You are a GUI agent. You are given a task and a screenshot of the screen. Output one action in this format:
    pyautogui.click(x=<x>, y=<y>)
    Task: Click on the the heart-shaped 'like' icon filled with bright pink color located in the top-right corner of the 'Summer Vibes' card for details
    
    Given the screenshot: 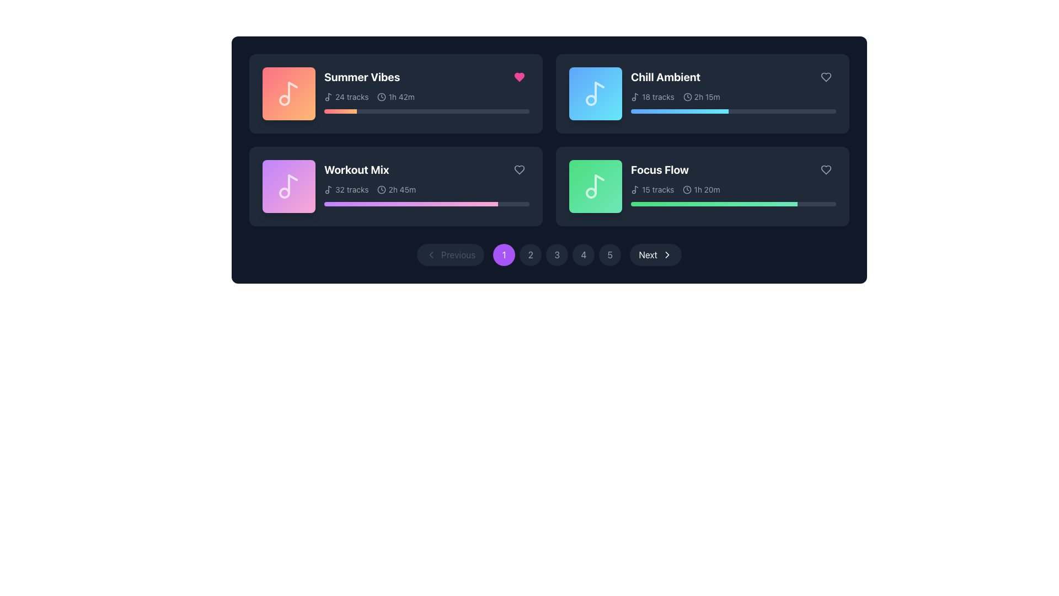 What is the action you would take?
    pyautogui.click(x=518, y=76)
    